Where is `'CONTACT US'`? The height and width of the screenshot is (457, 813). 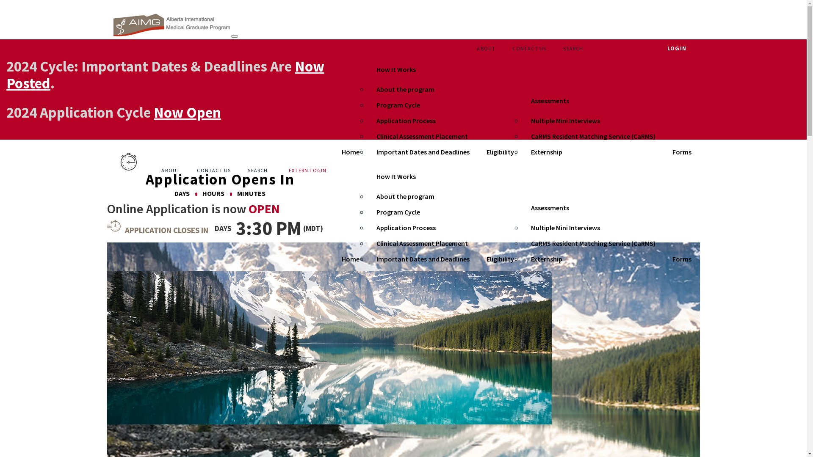
'CONTACT US' is located at coordinates (528, 49).